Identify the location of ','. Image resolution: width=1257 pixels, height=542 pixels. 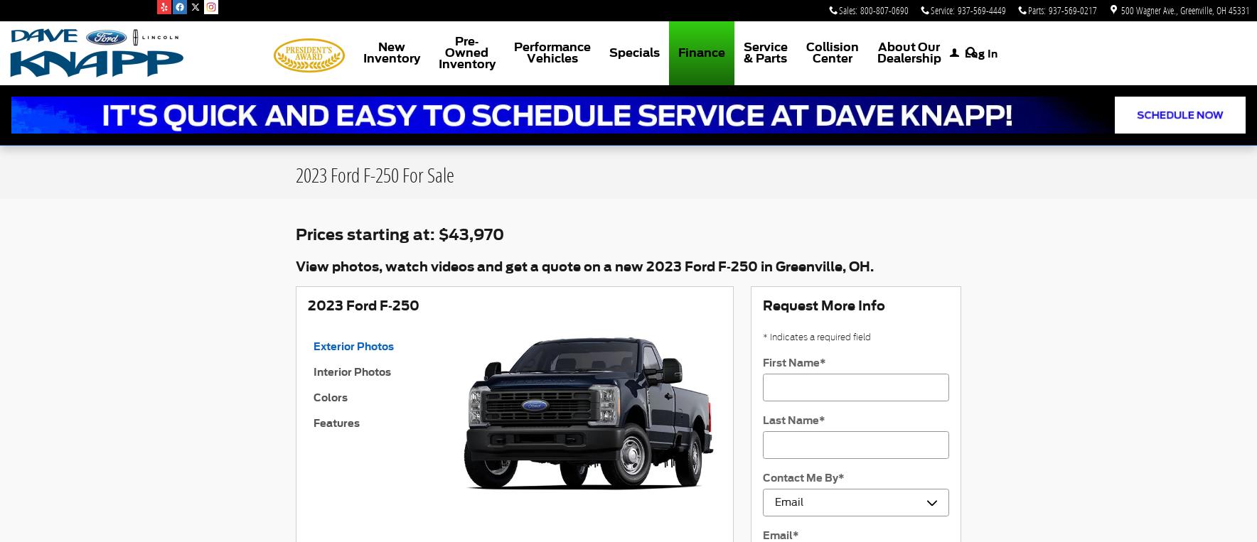
(1213, 9).